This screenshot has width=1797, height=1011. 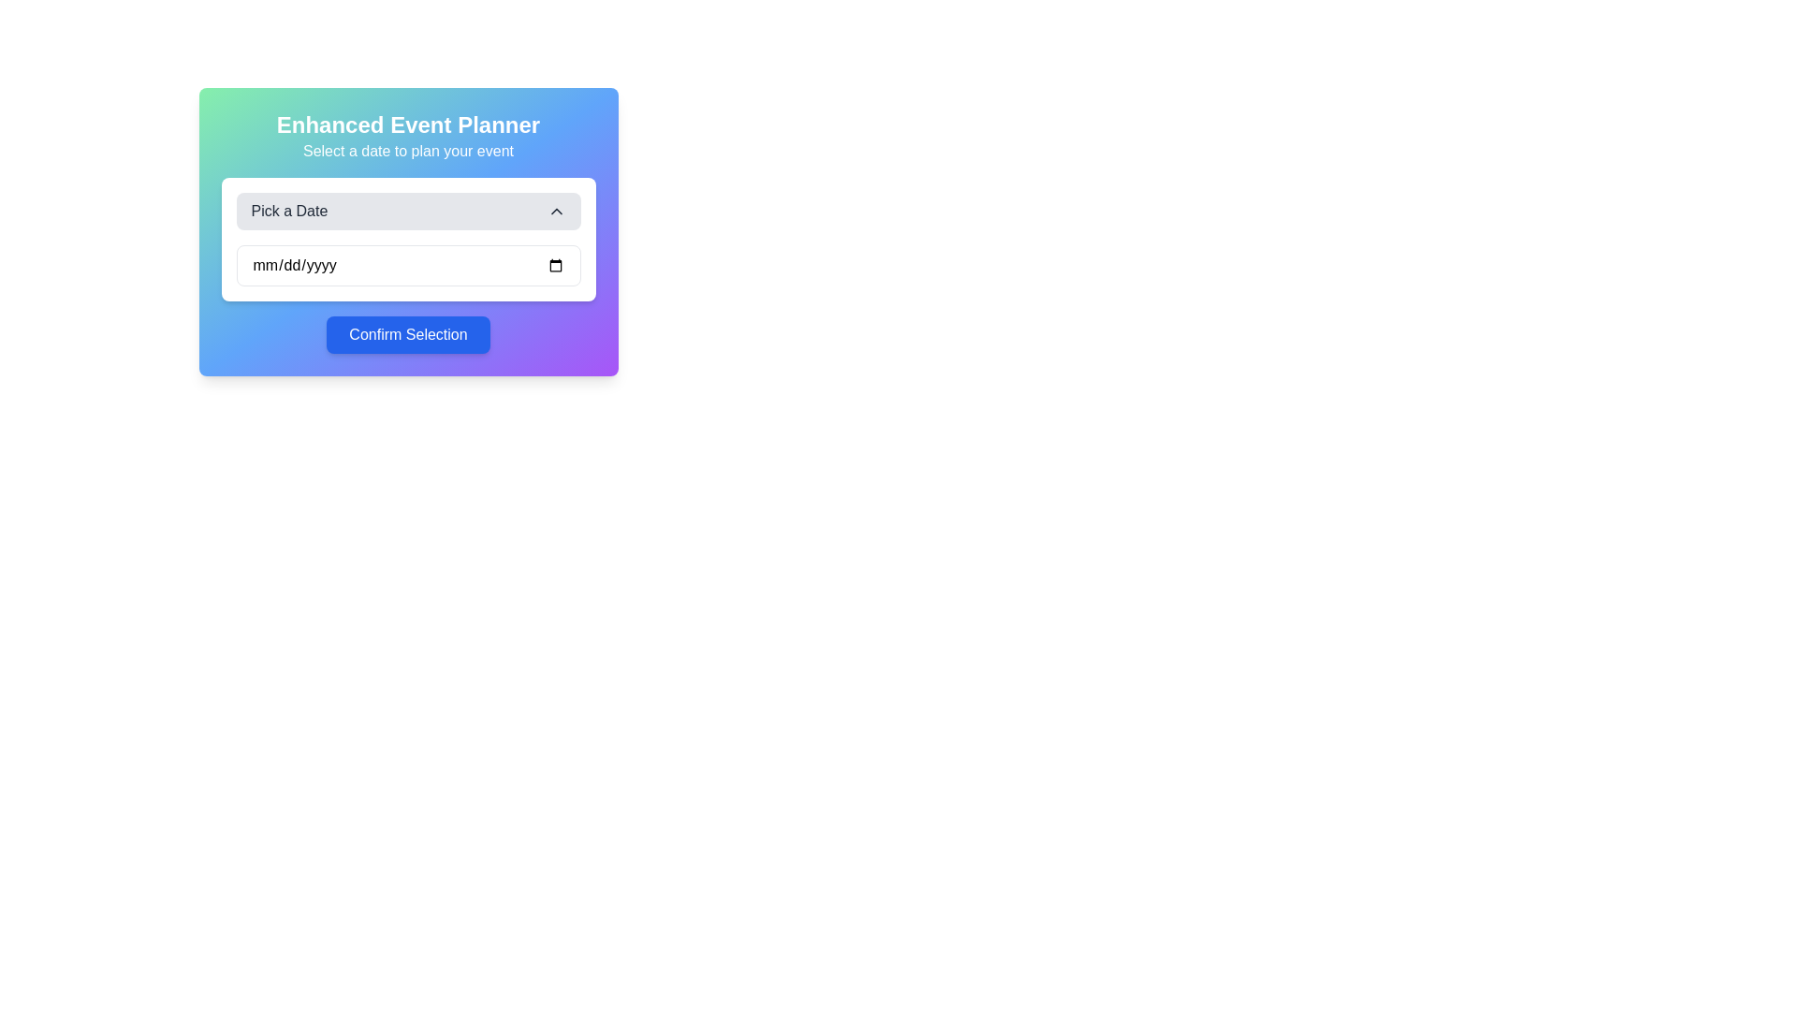 I want to click on the chevron-down icon located in the top-right portion of the 'Pick a Date' section, which is styled with a thin, sharp design and colored black, so click(x=555, y=211).